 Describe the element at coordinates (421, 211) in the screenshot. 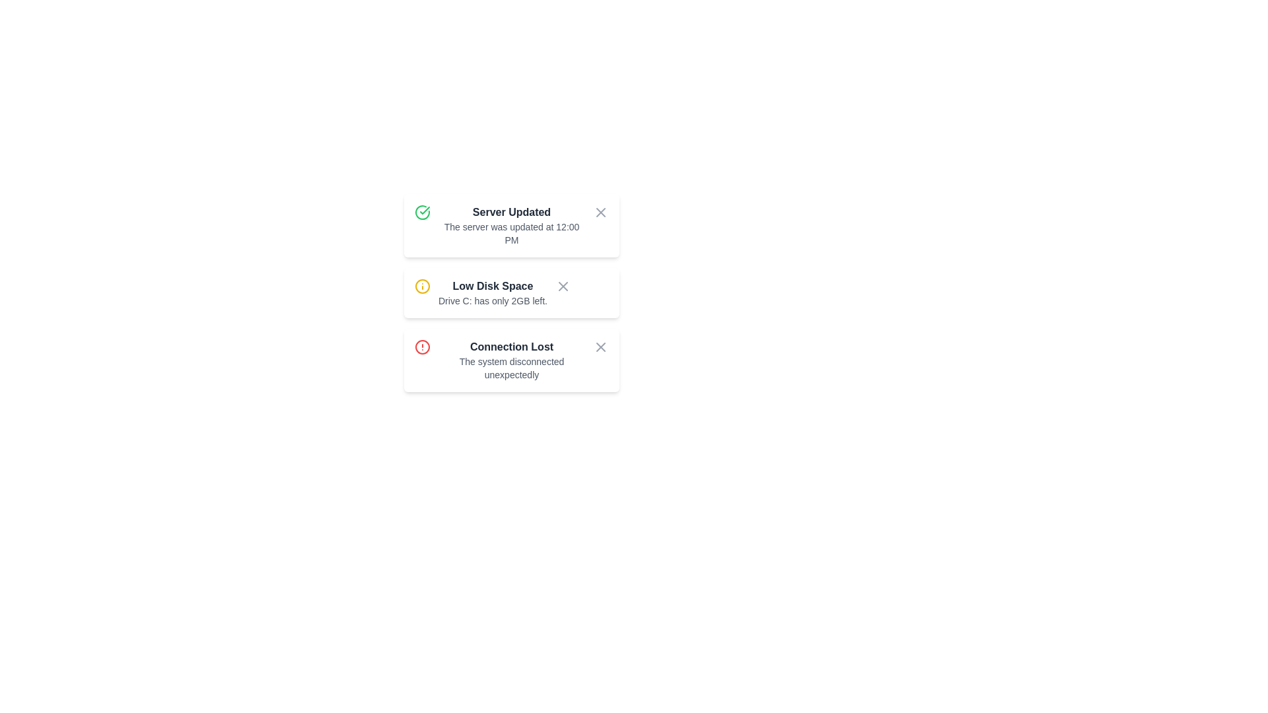

I see `the green circular icon with a checkmark inside it, located at the top left corner of the 'Server Updated' notification card` at that location.